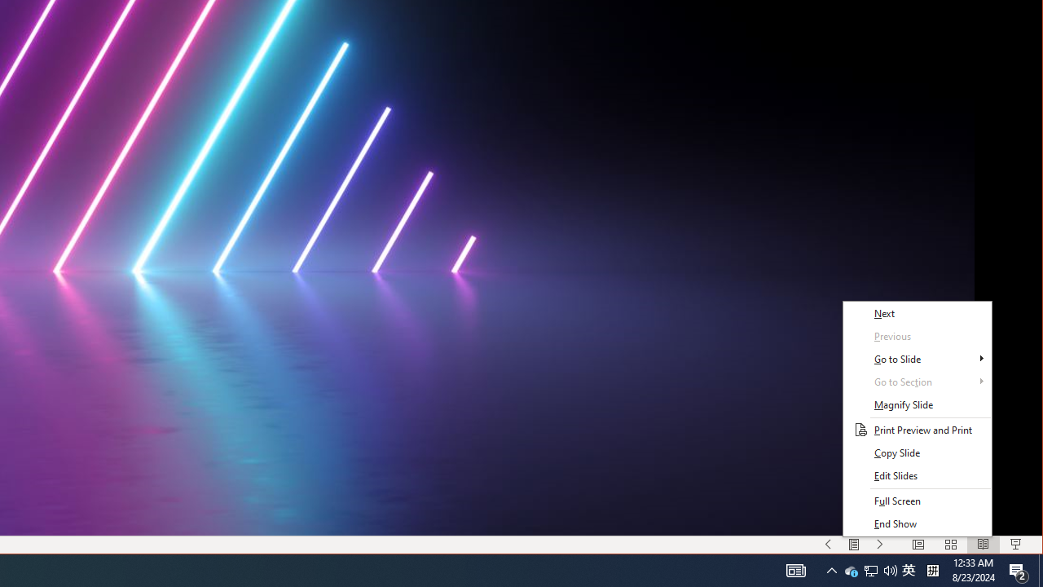  I want to click on 'Full Screen', so click(917, 501).